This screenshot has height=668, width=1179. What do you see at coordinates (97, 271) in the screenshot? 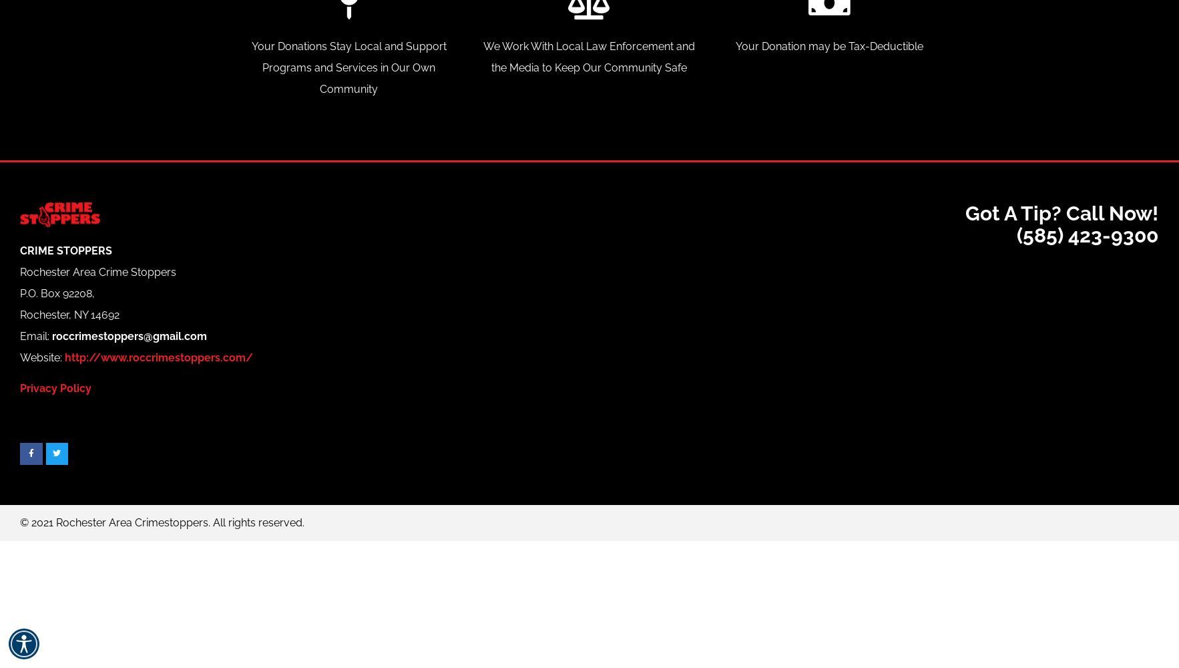
I see `'Rochester Area Crime Stoppers'` at bounding box center [97, 271].